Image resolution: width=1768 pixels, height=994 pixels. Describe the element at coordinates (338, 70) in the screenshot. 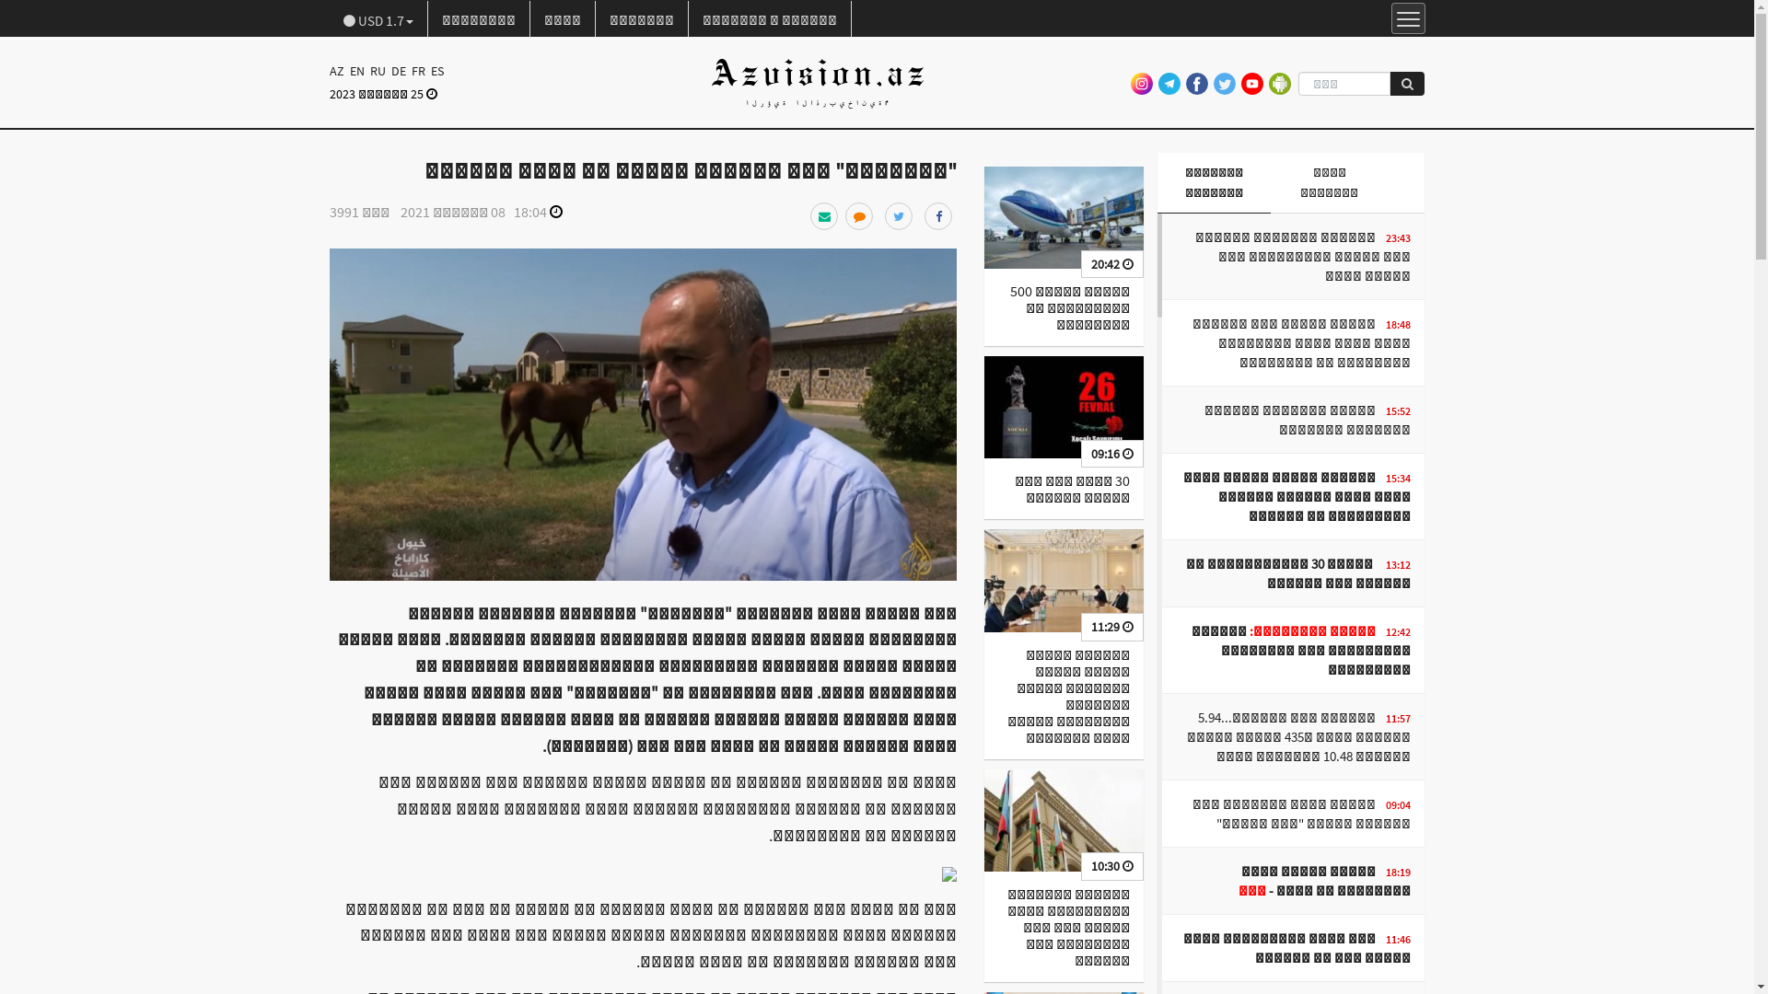

I see `'AZ'` at that location.